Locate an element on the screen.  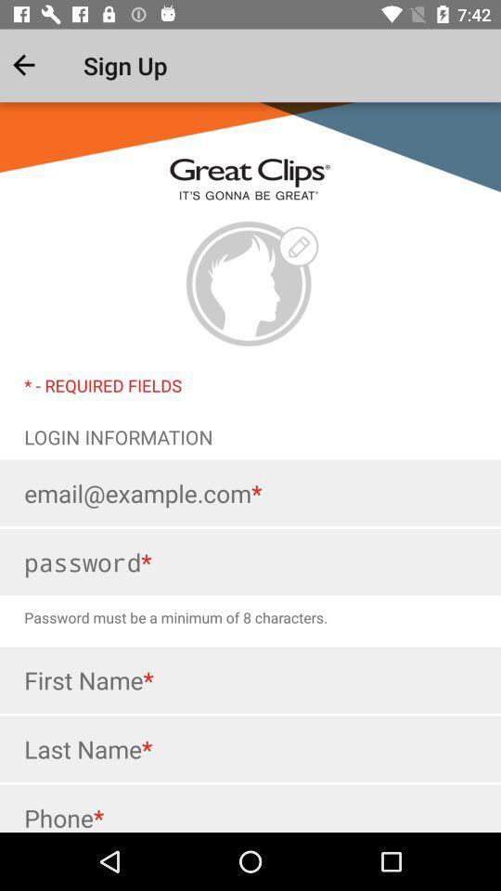
email address is located at coordinates (250, 492).